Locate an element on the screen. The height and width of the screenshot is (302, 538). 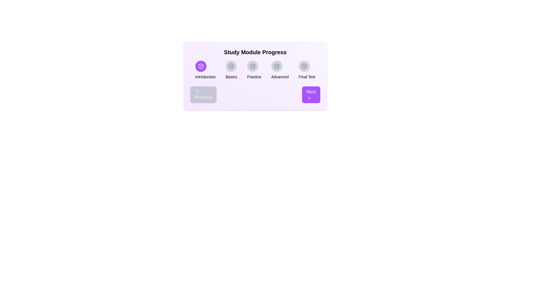
the static text label displaying 'Final Test', which is styled in bold black sans-serif font and located below a circular icon, representing the final stage of the study module progress is located at coordinates (307, 77).